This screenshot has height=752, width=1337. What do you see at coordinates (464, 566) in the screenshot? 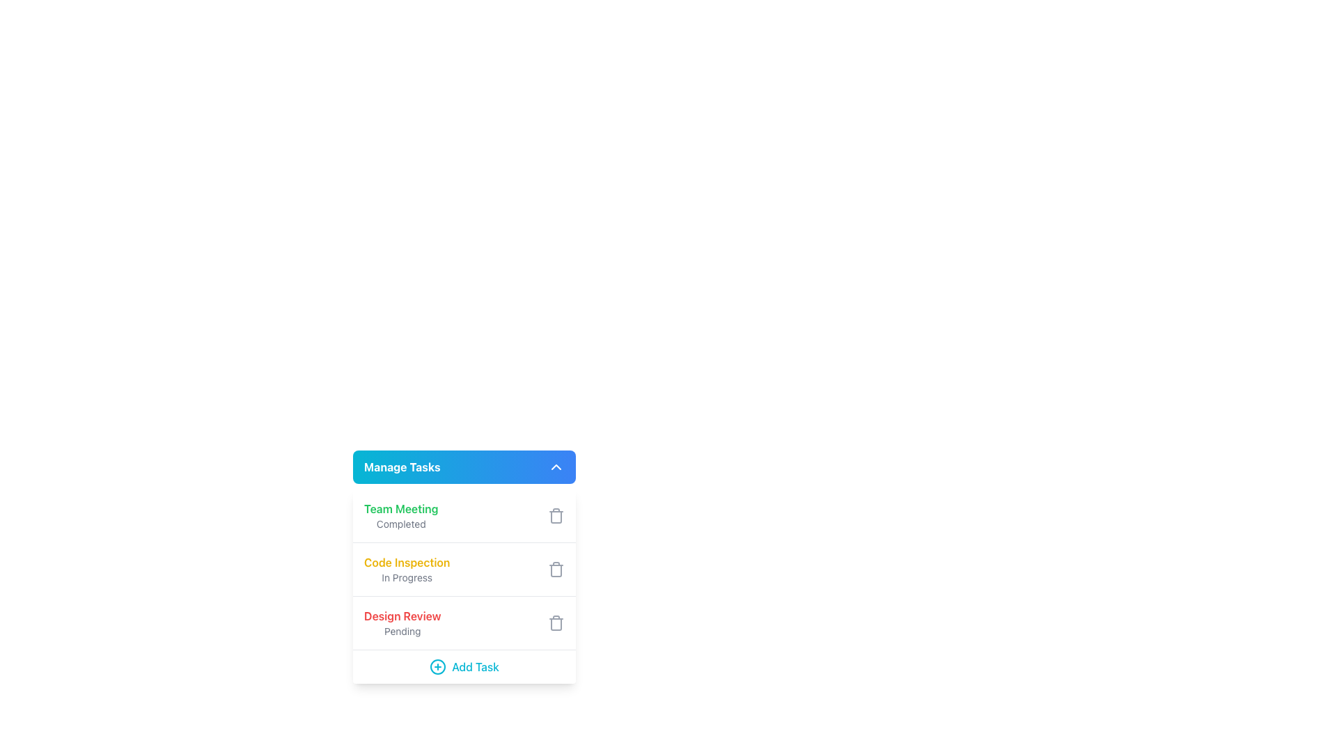
I see `the List item titled 'Code Inspection' with the status 'In Progress'` at bounding box center [464, 566].